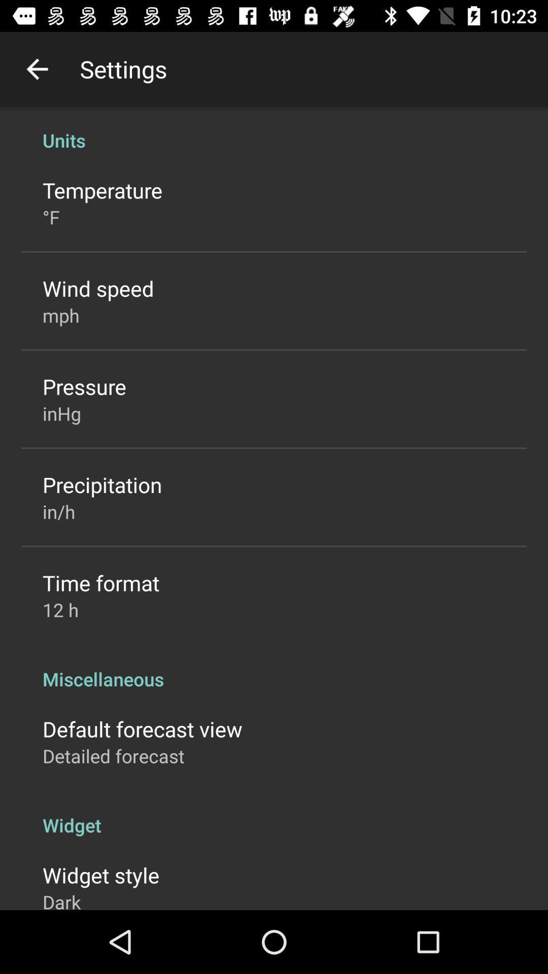 The image size is (548, 974). What do you see at coordinates (37, 68) in the screenshot?
I see `previous` at bounding box center [37, 68].